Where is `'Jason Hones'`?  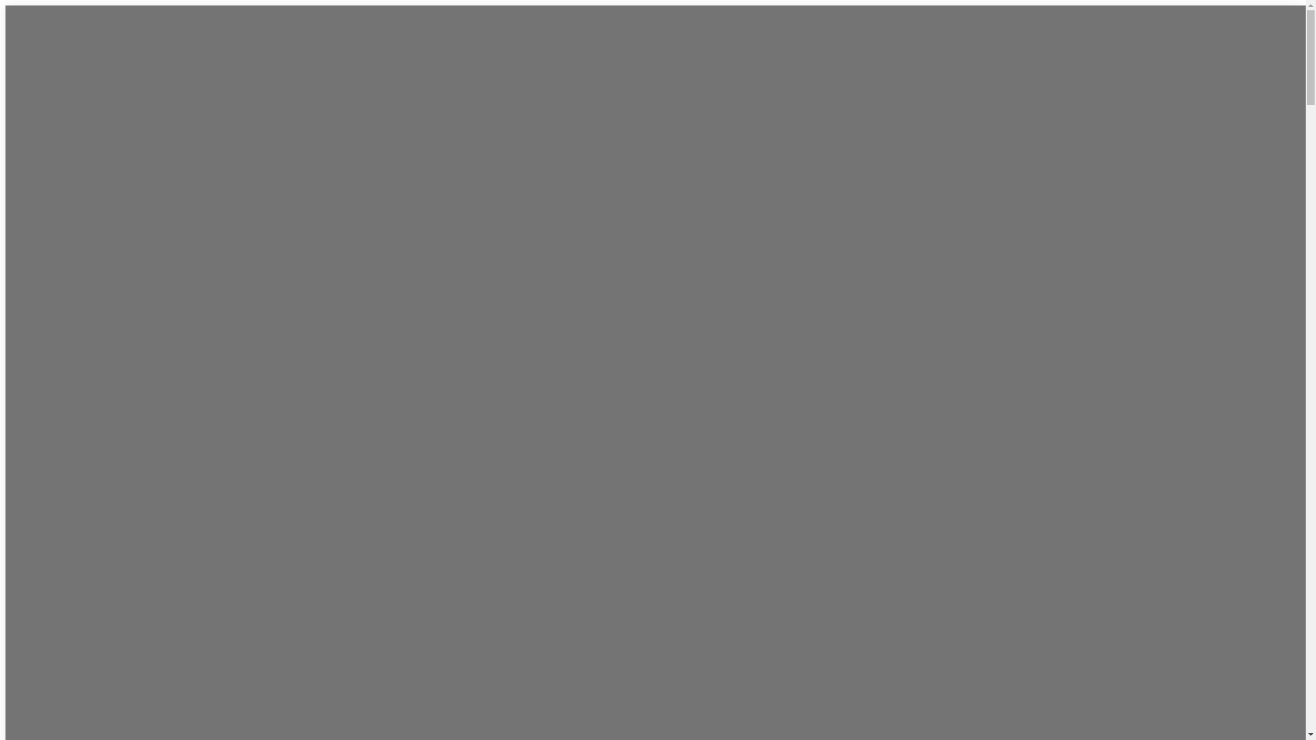
'Jason Hones' is located at coordinates (603, 314).